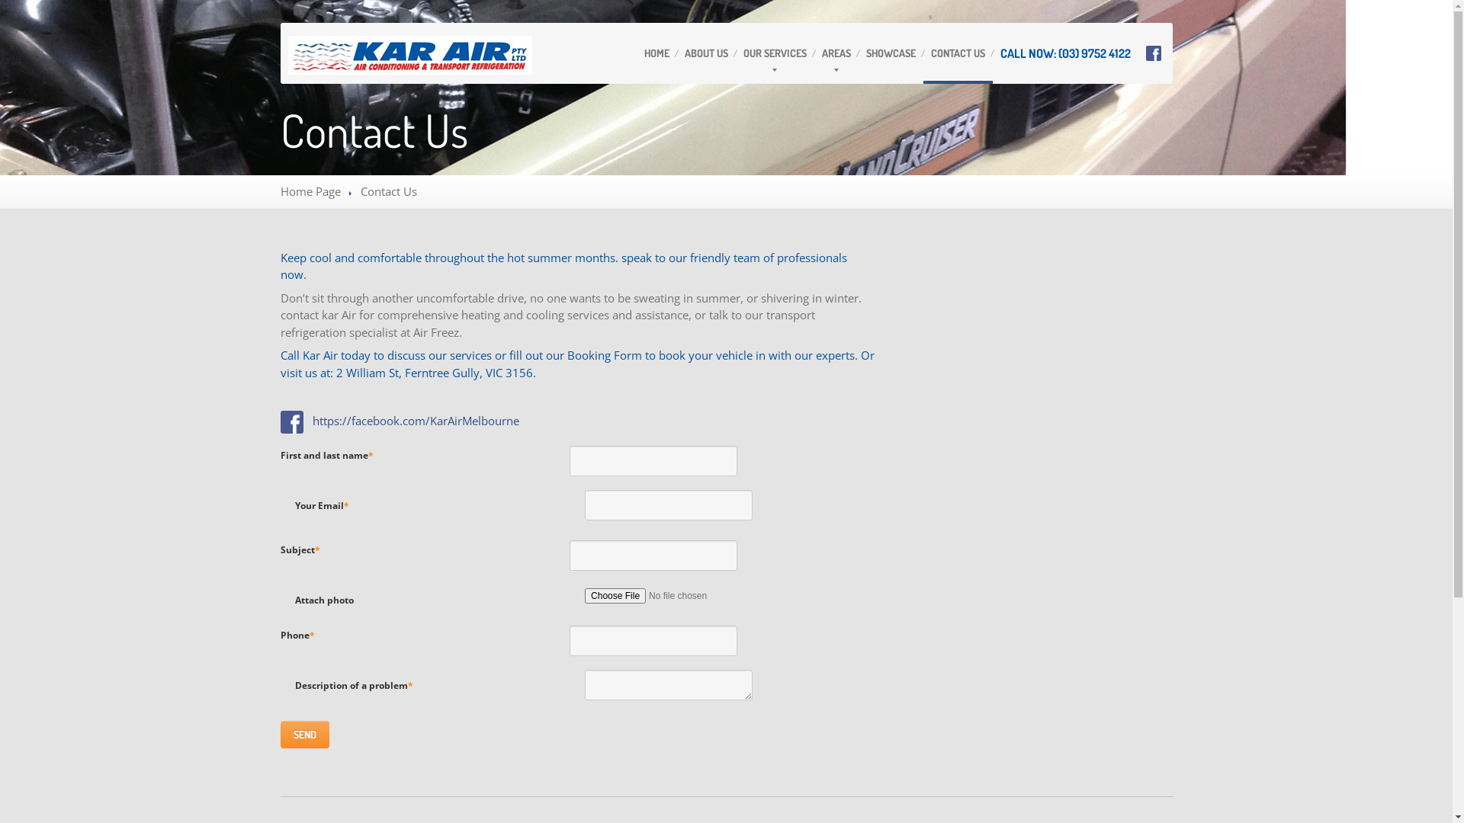 The width and height of the screenshot is (1464, 823). I want to click on 'CALL NOW: (03) 9752 4122', so click(992, 52).